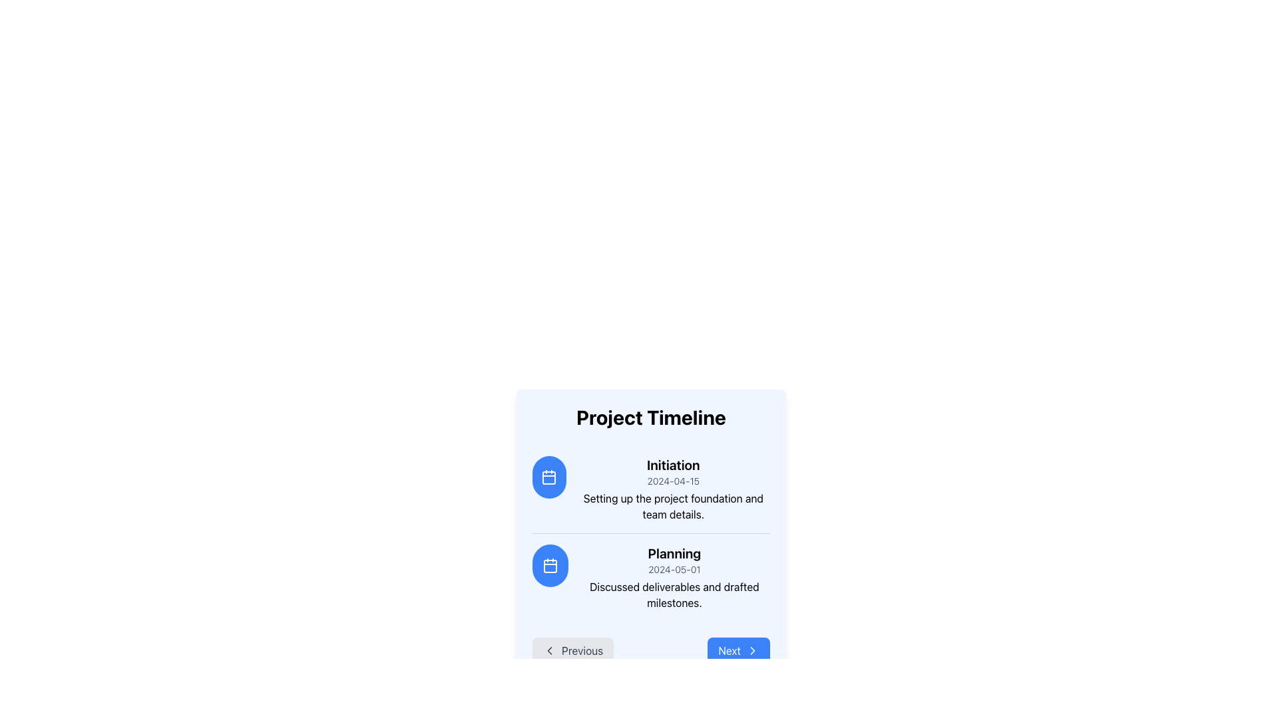  Describe the element at coordinates (738, 650) in the screenshot. I see `the rightmost button in the 'Project Timeline' section` at that location.